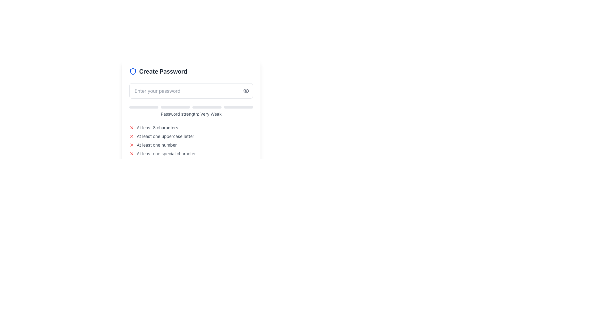 The height and width of the screenshot is (334, 594). What do you see at coordinates (191, 112) in the screenshot?
I see `the password creation component` at bounding box center [191, 112].